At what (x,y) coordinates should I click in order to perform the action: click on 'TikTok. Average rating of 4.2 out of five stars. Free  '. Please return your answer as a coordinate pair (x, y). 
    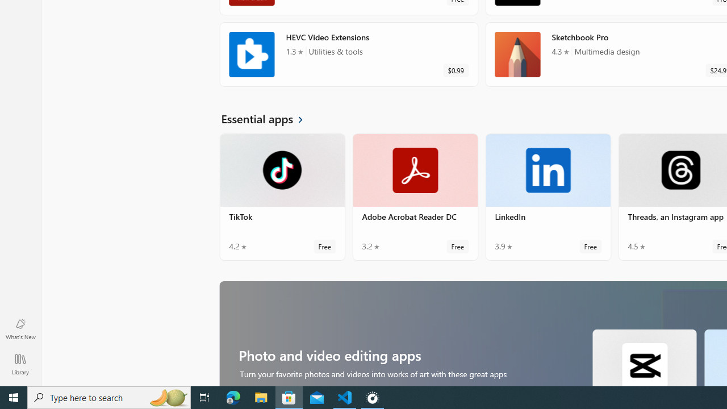
    Looking at the image, I should click on (282, 197).